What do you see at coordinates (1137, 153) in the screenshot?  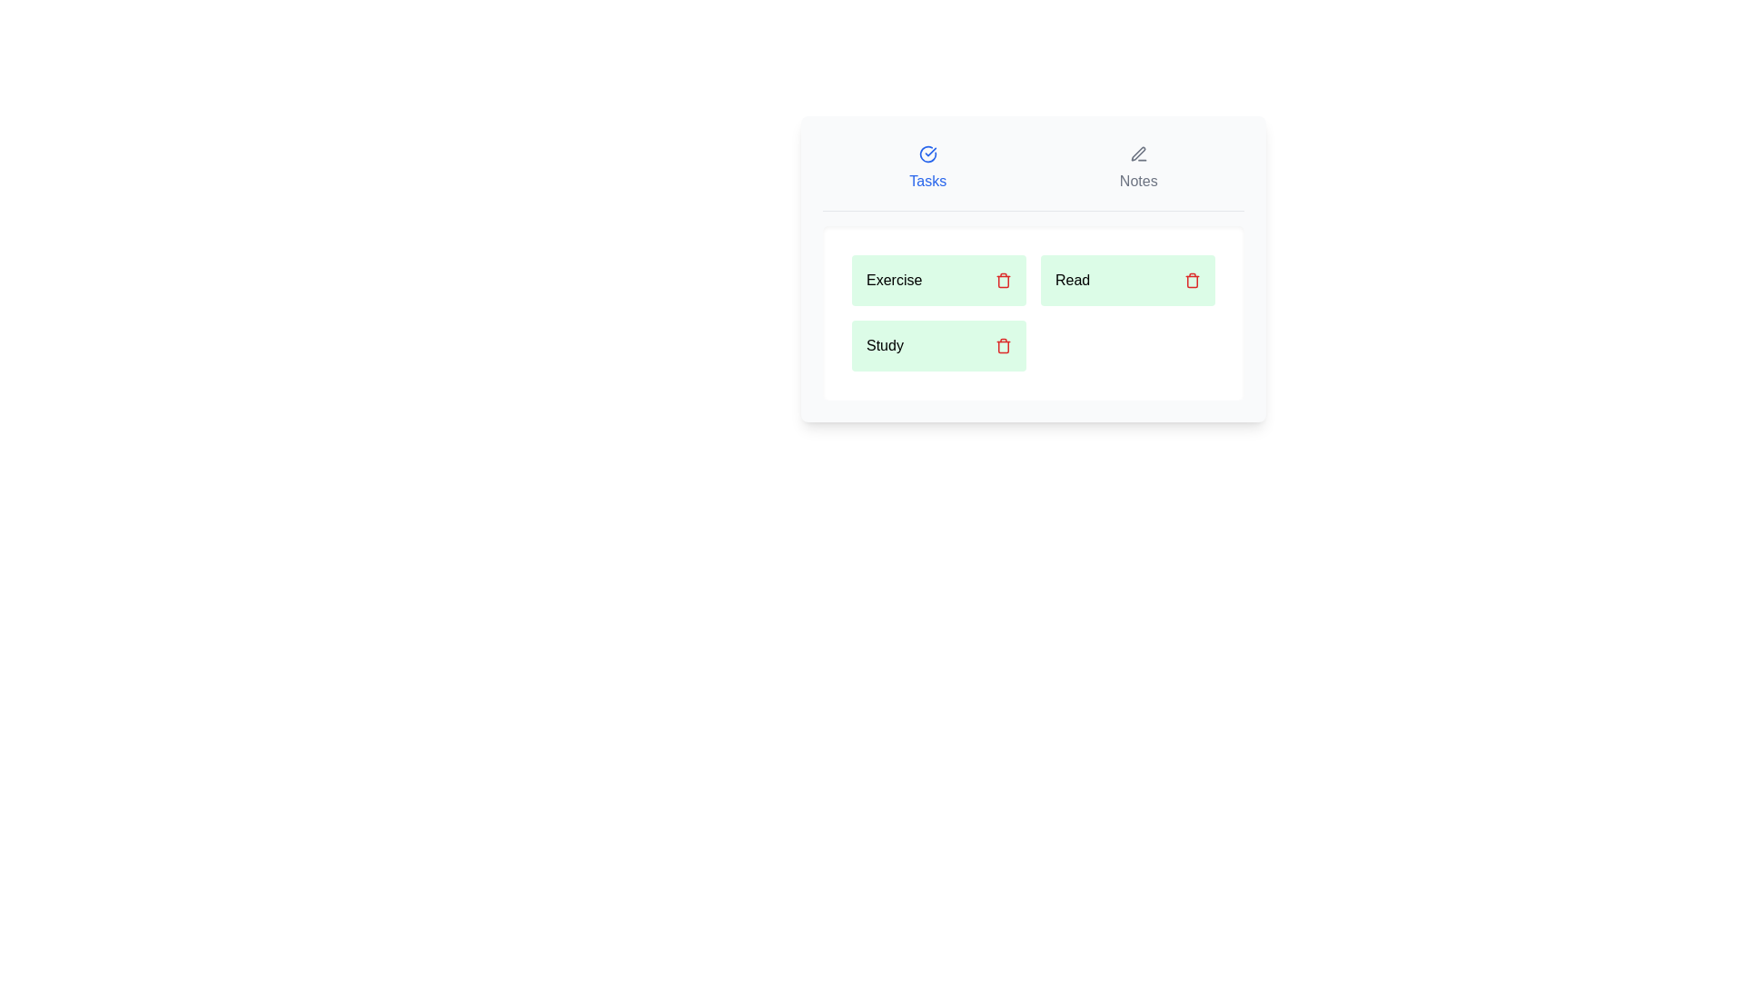 I see `the tab icon of Notes to inspect its visual details` at bounding box center [1137, 153].